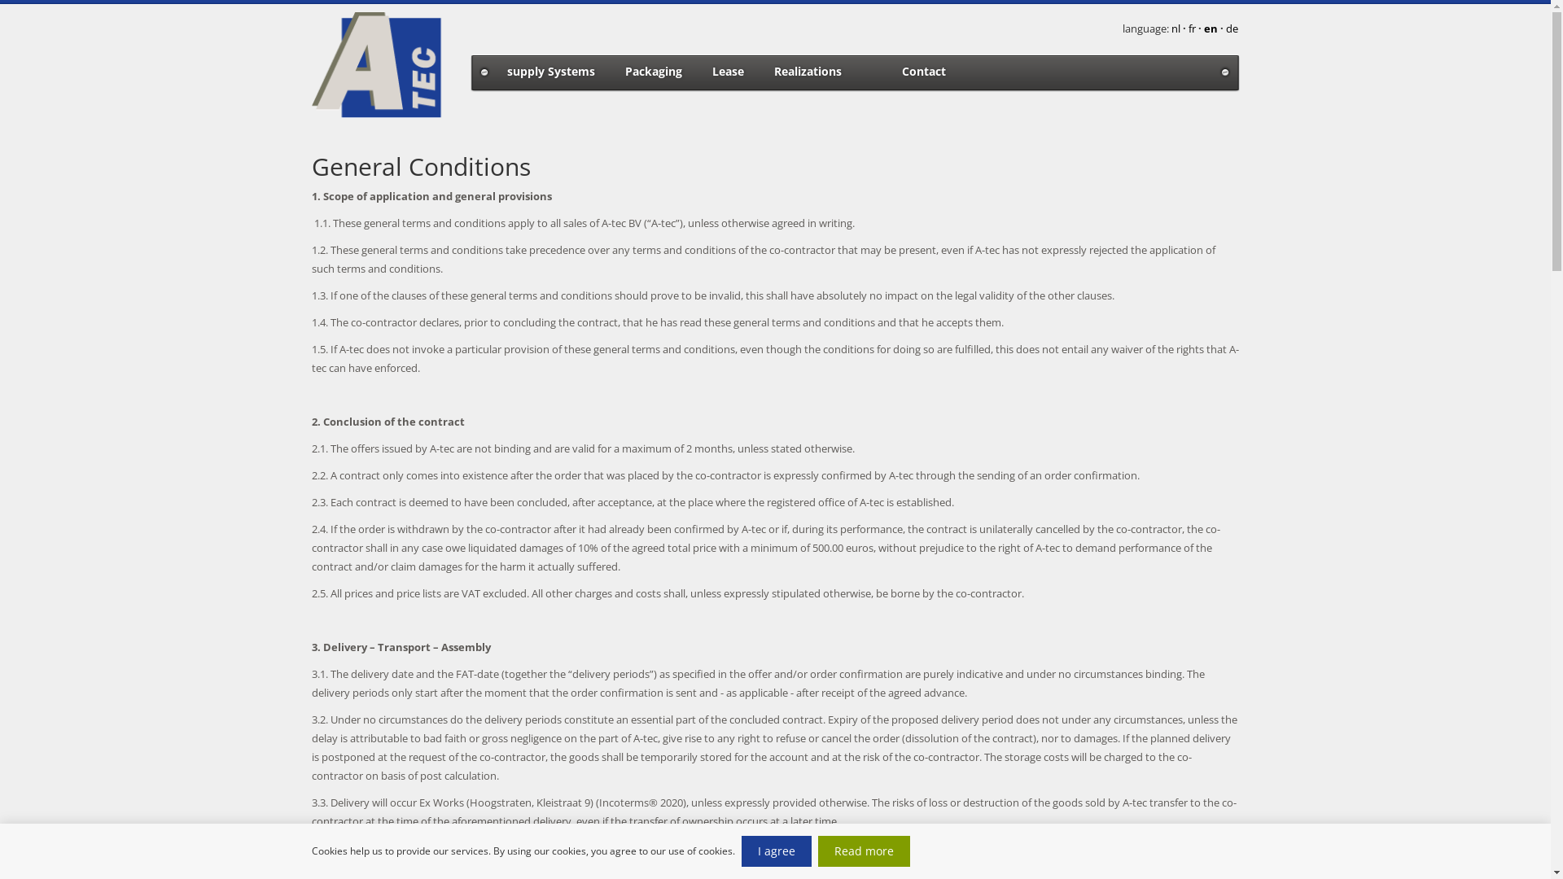  I want to click on 'Lease', so click(726, 70).